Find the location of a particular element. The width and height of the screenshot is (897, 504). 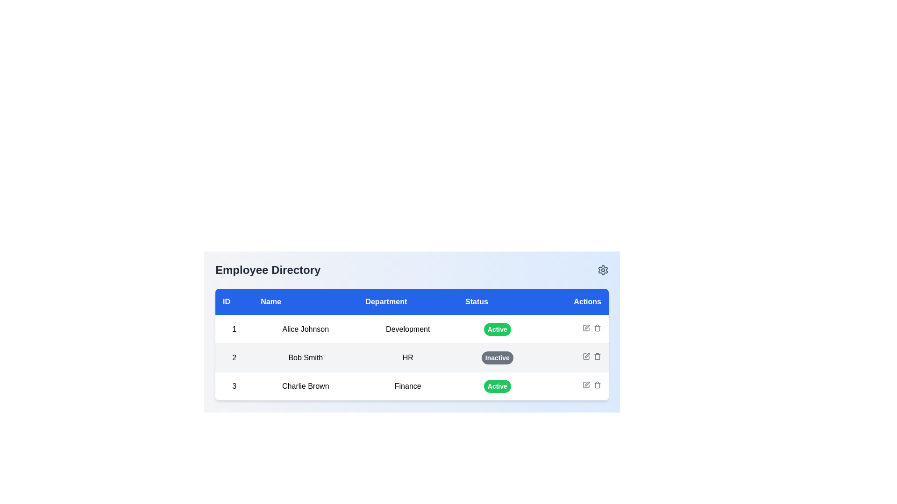

the 'HR' text label in the employee directory, which is located in the third column of the second row under the 'Department' header next to 'Bob Smith' is located at coordinates (408, 357).